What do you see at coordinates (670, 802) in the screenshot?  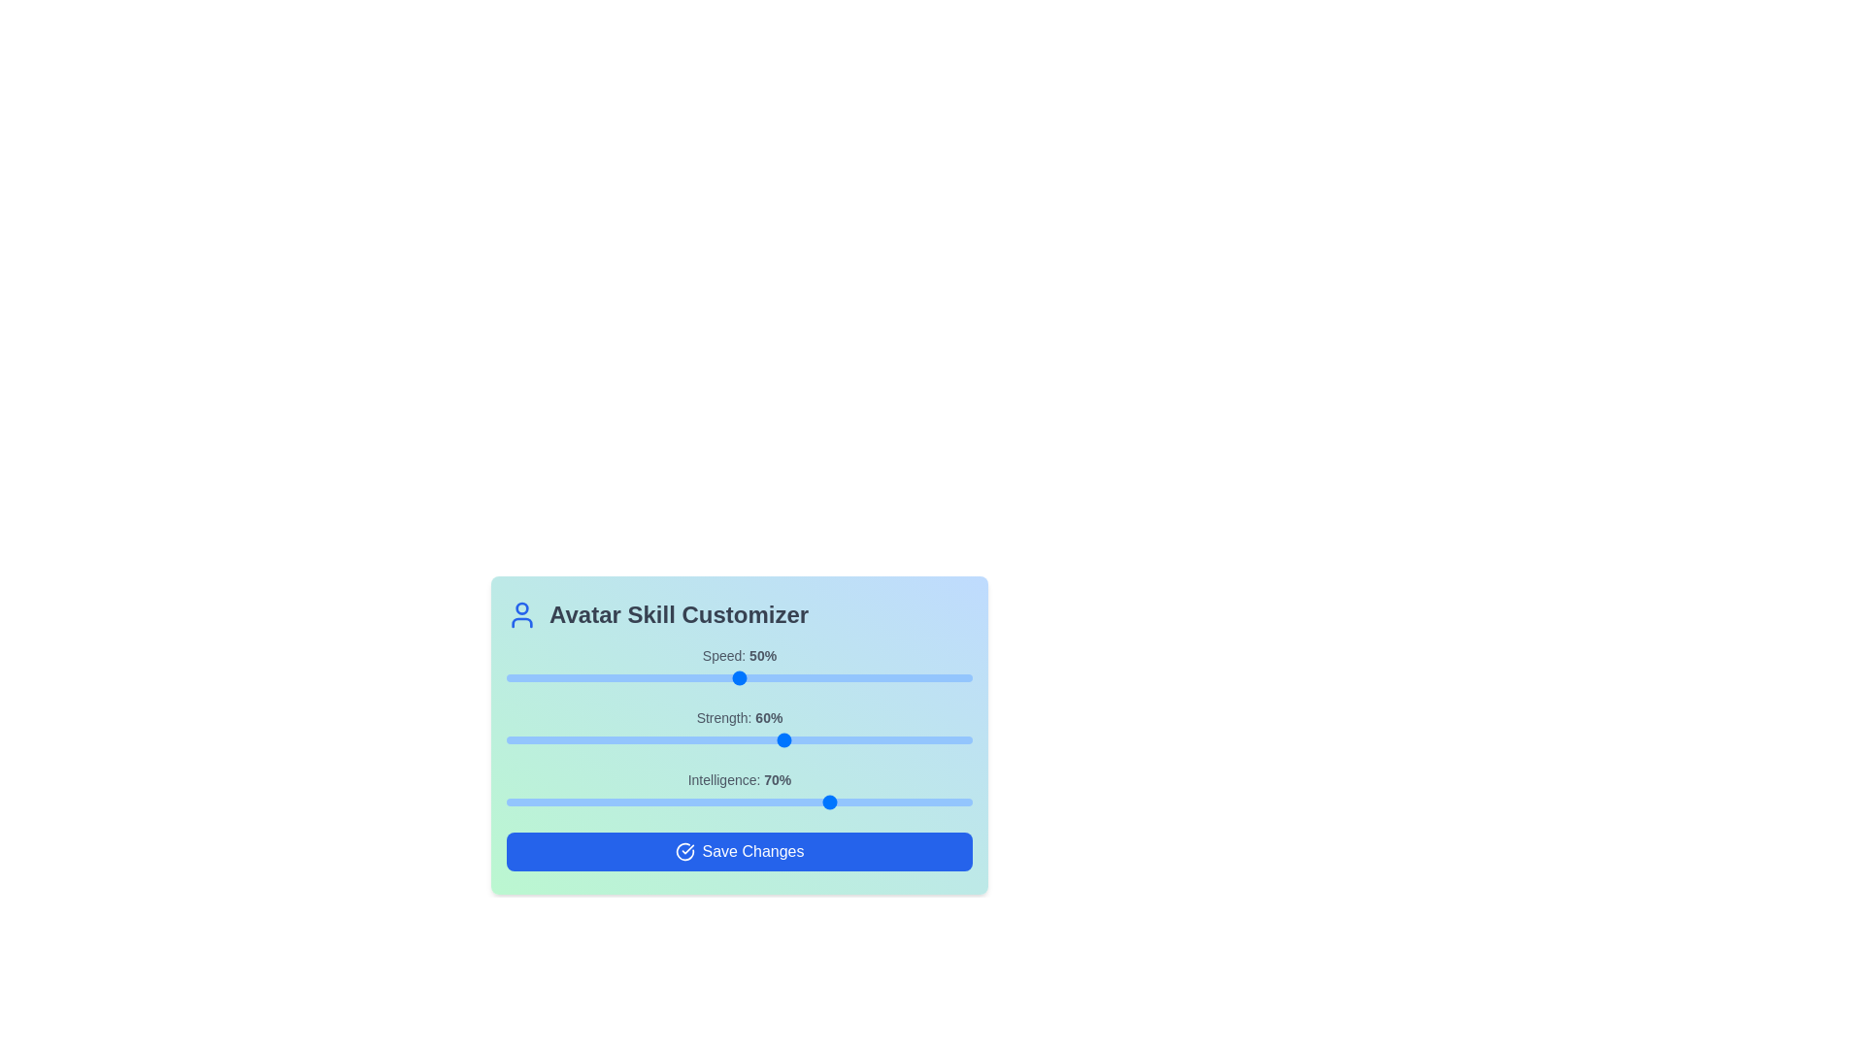 I see `intelligence level` at bounding box center [670, 802].